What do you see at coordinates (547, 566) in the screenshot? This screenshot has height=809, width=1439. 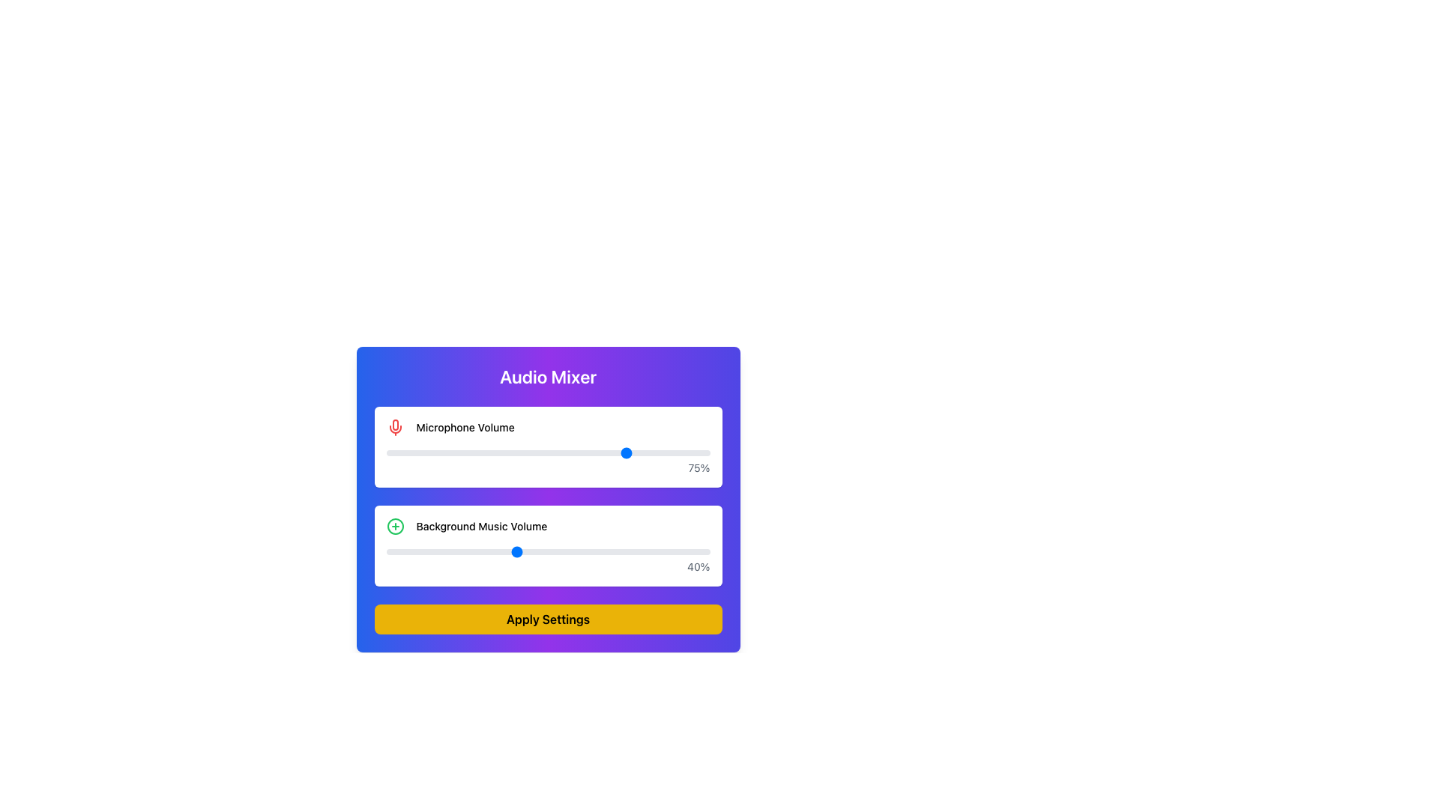 I see `the static text displaying '40%' in gray tone, located in the 'Background Music Volume' section, adjacent to the volume control slider` at bounding box center [547, 566].